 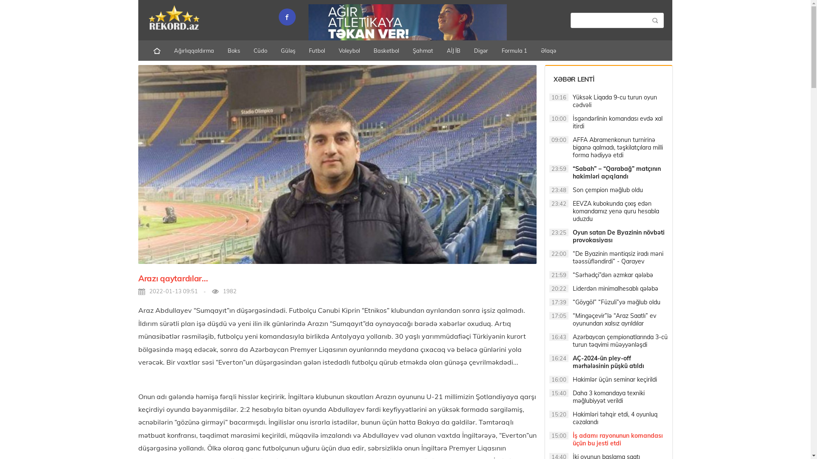 I want to click on 'Basketbol', so click(x=386, y=51).